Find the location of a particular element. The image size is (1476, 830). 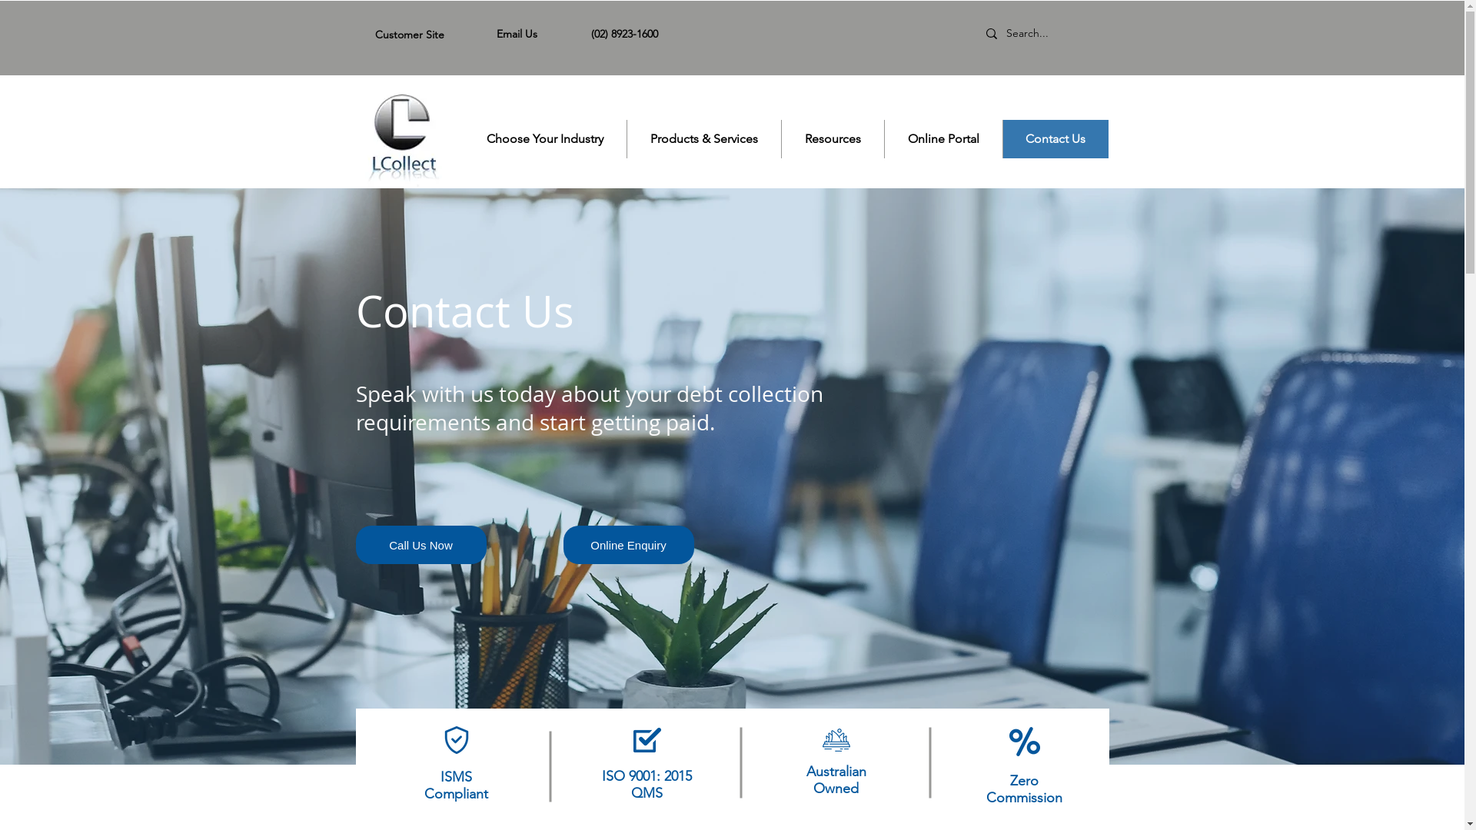

'Email Us' is located at coordinates (517, 33).